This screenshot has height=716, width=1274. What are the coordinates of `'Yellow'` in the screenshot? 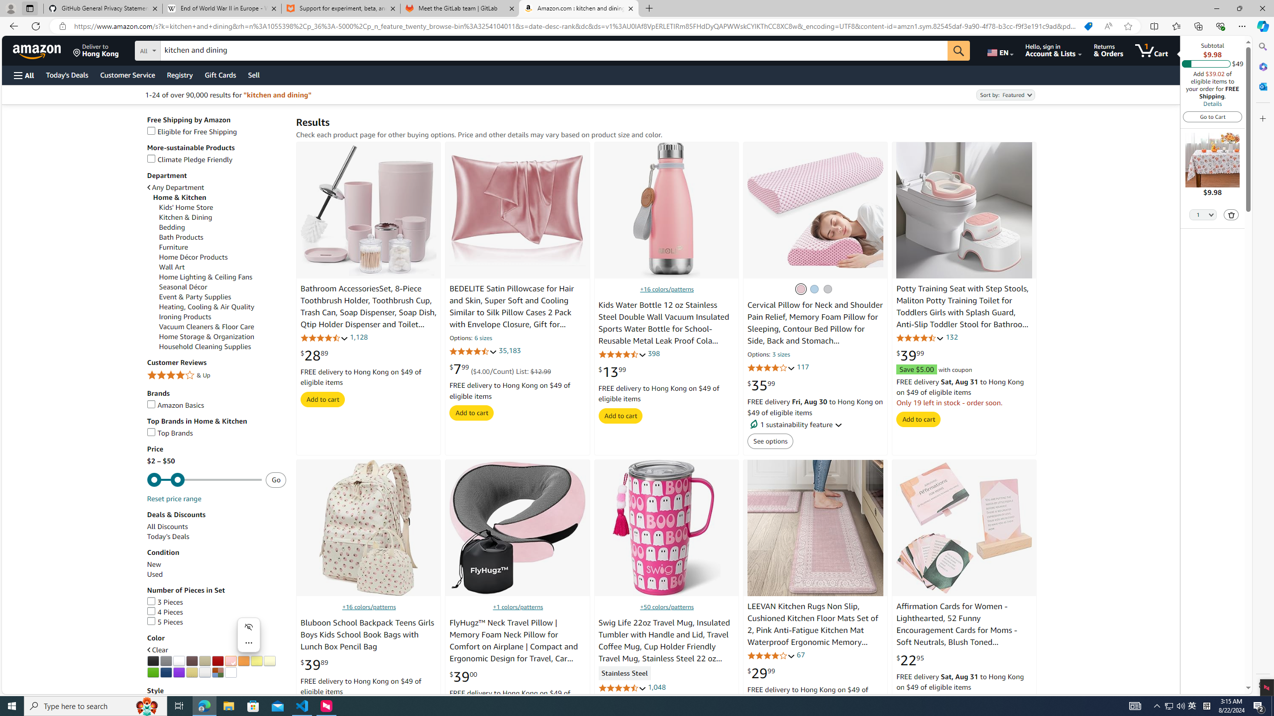 It's located at (255, 660).